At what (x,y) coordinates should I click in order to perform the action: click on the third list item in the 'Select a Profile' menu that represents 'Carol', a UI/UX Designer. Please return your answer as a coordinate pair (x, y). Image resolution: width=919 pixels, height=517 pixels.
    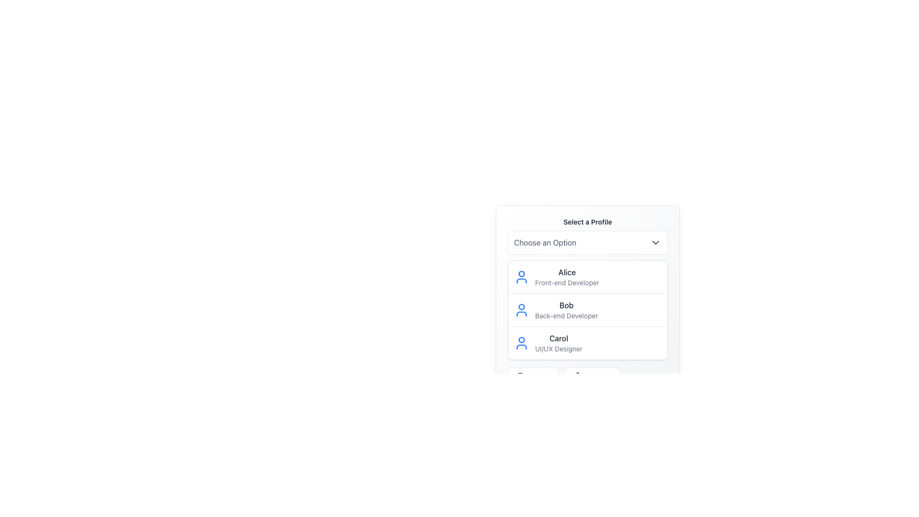
    Looking at the image, I should click on (587, 342).